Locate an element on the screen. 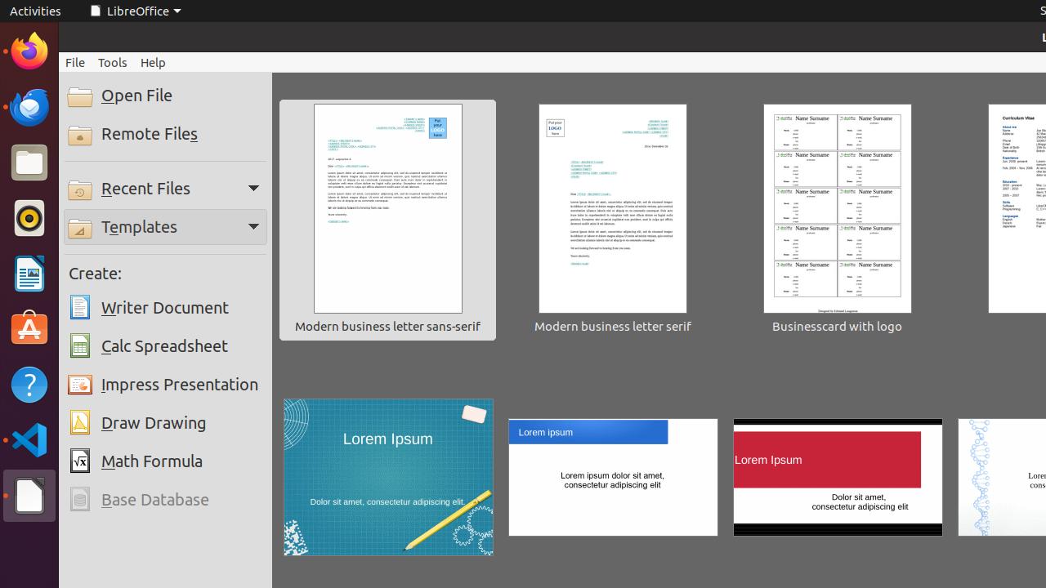 The image size is (1046, 588). 'File' is located at coordinates (74, 61).